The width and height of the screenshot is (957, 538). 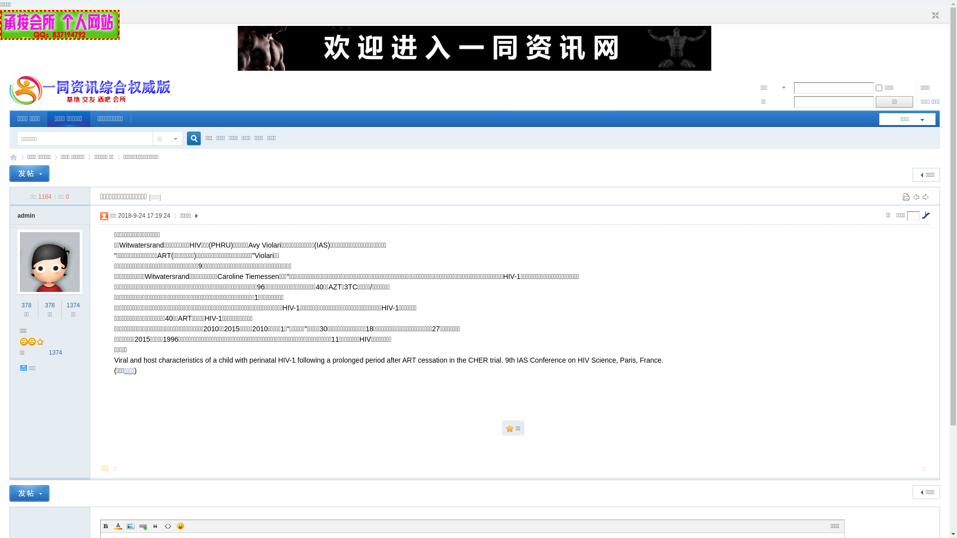 I want to click on 'Smilies', so click(x=180, y=526).